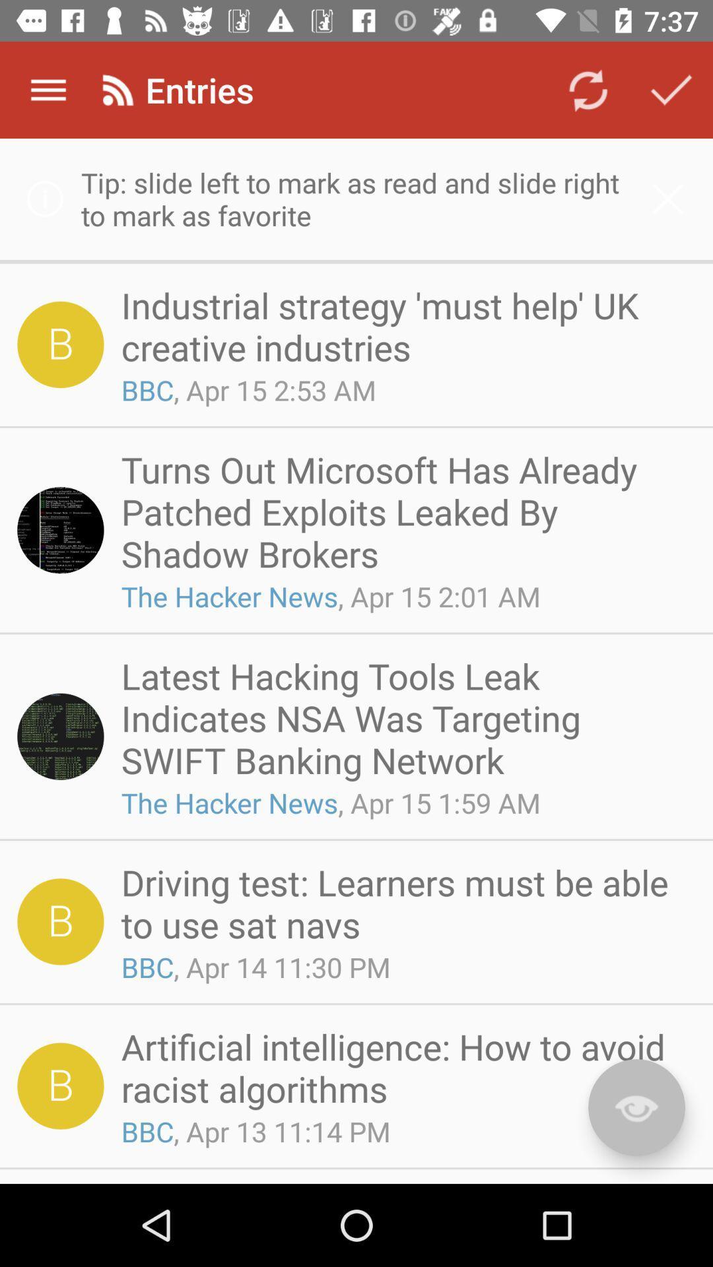 The height and width of the screenshot is (1267, 713). Describe the element at coordinates (356, 198) in the screenshot. I see `the icon above industrial strategy must` at that location.